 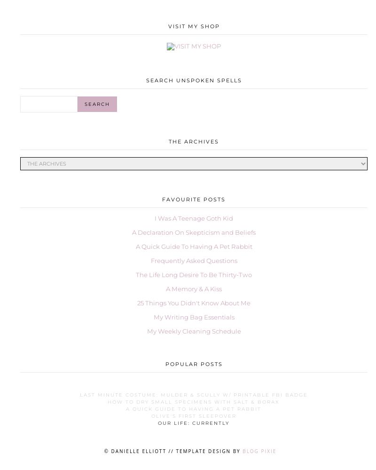 I want to click on 'Olive's First Sleepover', so click(x=193, y=415).